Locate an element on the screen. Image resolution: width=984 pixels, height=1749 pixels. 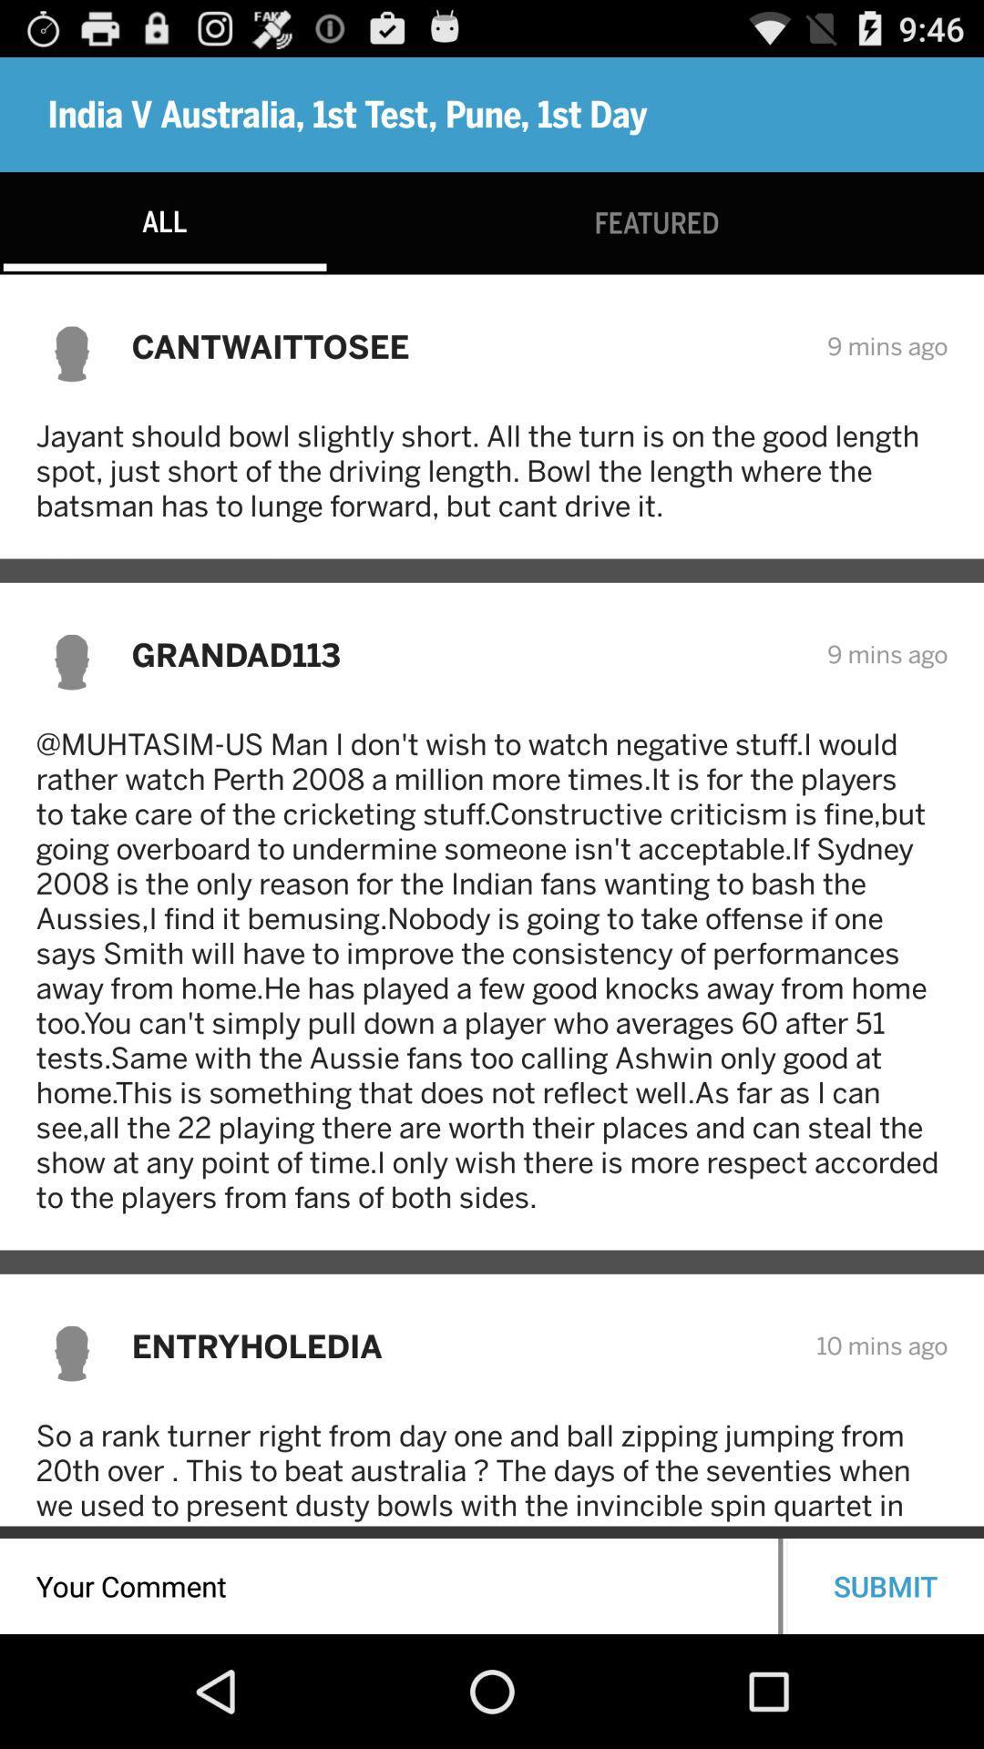
jayant should bowl is located at coordinates (492, 470).